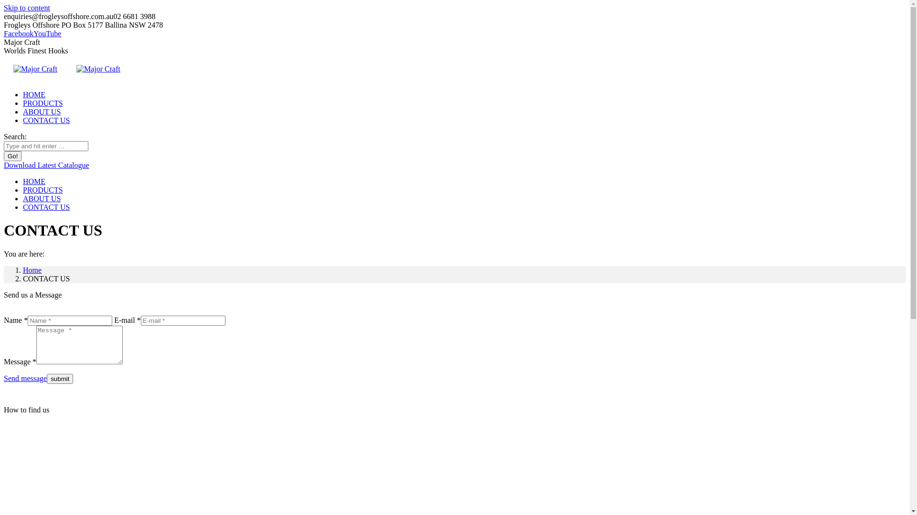 The width and height of the screenshot is (917, 515). What do you see at coordinates (47, 33) in the screenshot?
I see `'YouTube'` at bounding box center [47, 33].